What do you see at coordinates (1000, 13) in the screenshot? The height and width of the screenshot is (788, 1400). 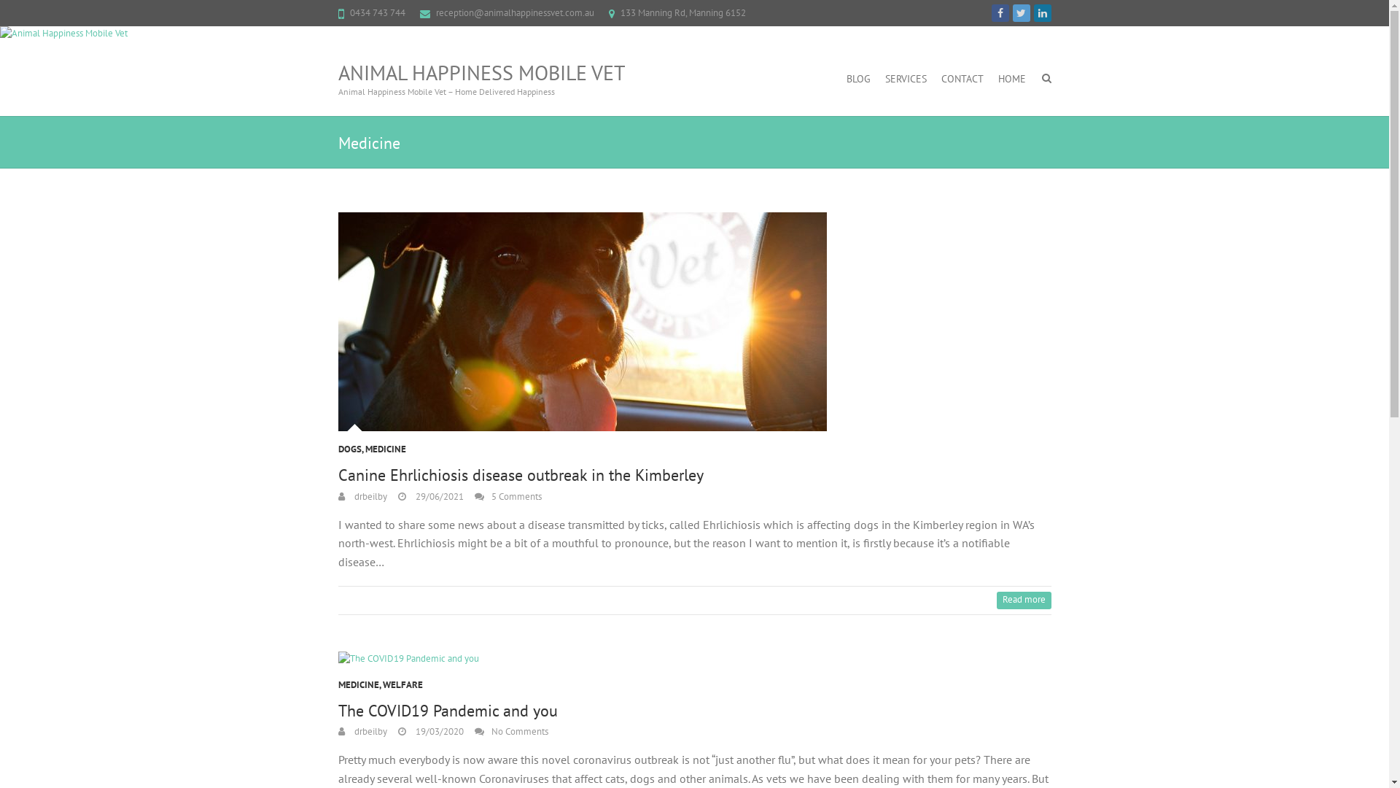 I see `'Animal Happiness Mobile Vet on Facebook'` at bounding box center [1000, 13].